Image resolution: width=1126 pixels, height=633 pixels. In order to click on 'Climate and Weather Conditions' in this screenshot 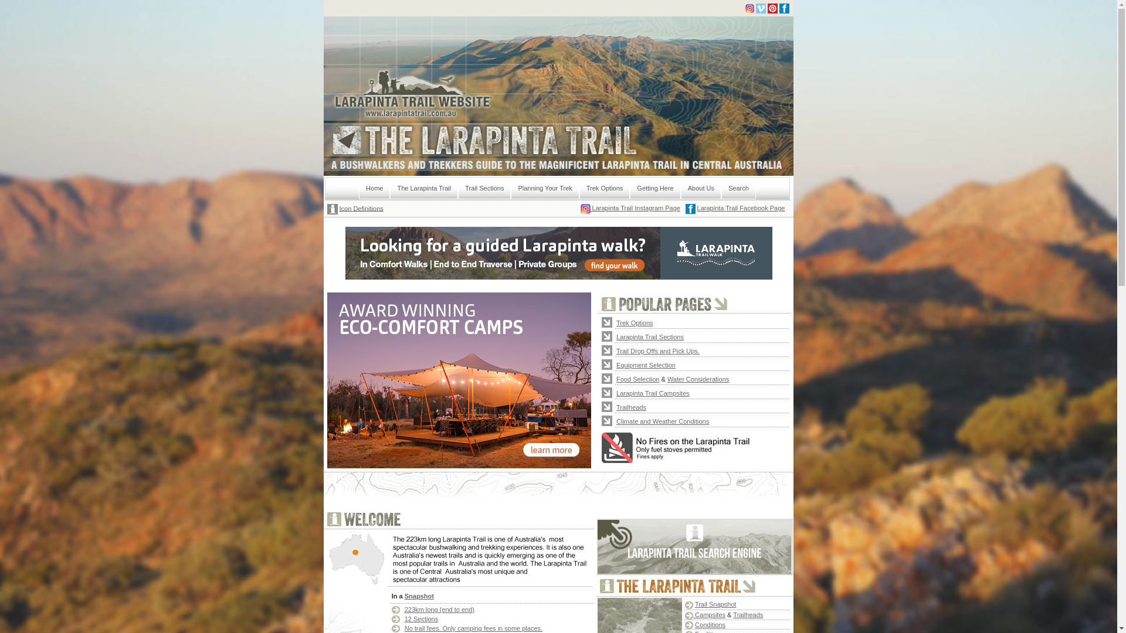, I will do `click(662, 420)`.